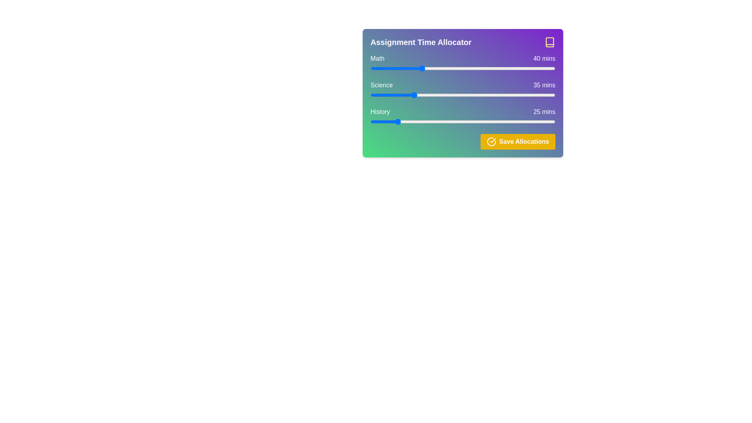 This screenshot has height=423, width=752. What do you see at coordinates (486, 68) in the screenshot?
I see `the time allocation for Math` at bounding box center [486, 68].